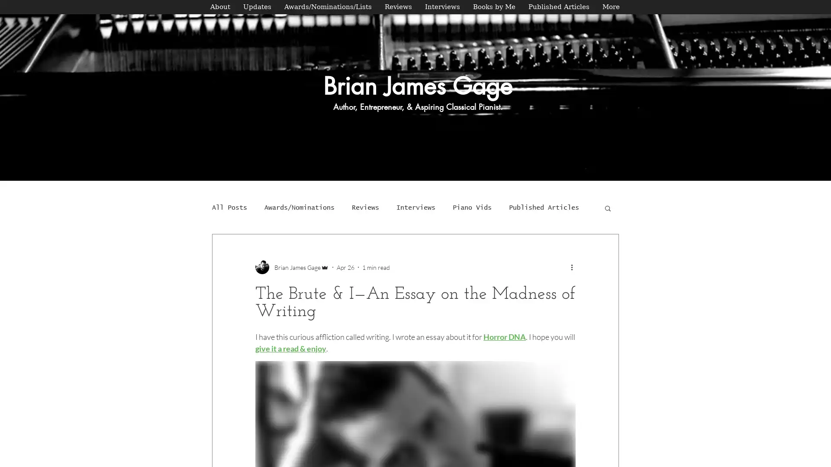 Image resolution: width=831 pixels, height=467 pixels. Describe the element at coordinates (607, 209) in the screenshot. I see `Search` at that location.